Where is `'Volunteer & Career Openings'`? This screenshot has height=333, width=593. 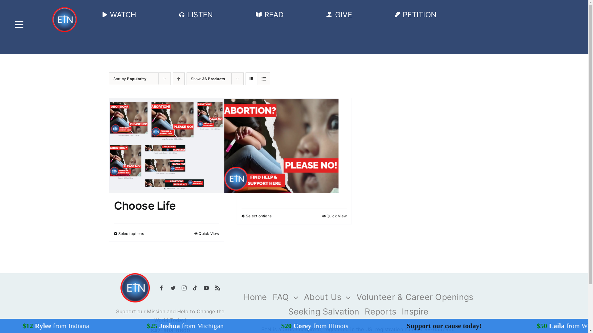
'Volunteer & Career Openings' is located at coordinates (415, 297).